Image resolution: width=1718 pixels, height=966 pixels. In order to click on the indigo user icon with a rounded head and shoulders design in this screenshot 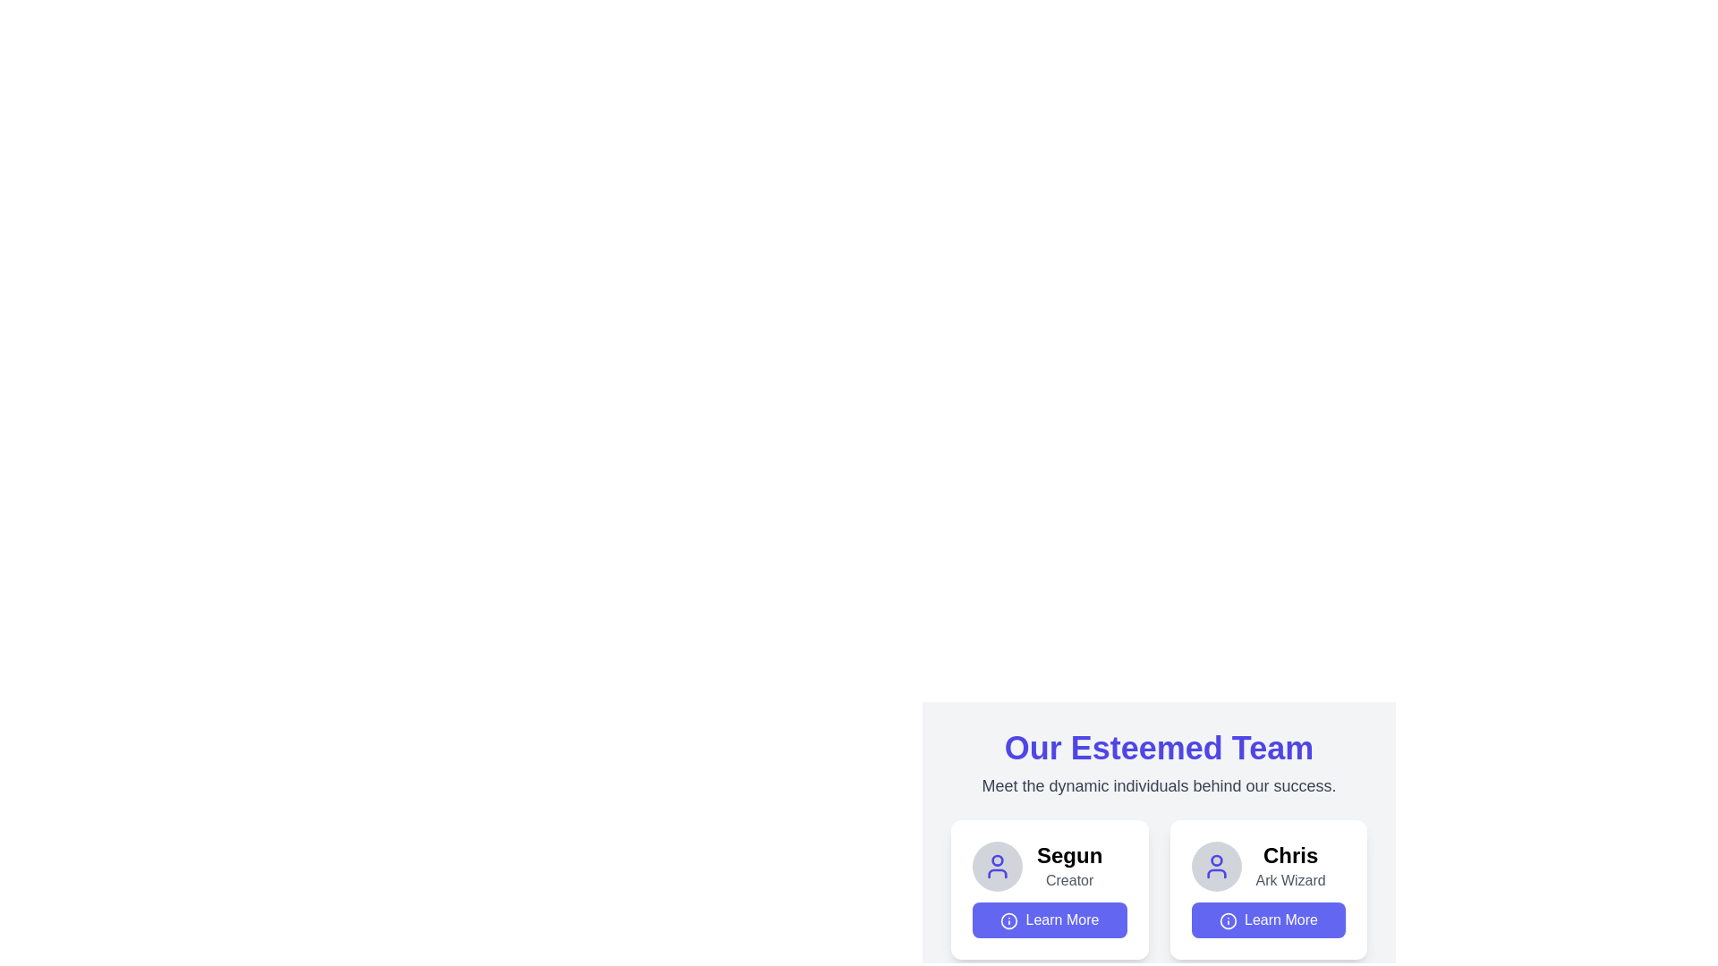, I will do `click(996, 865)`.